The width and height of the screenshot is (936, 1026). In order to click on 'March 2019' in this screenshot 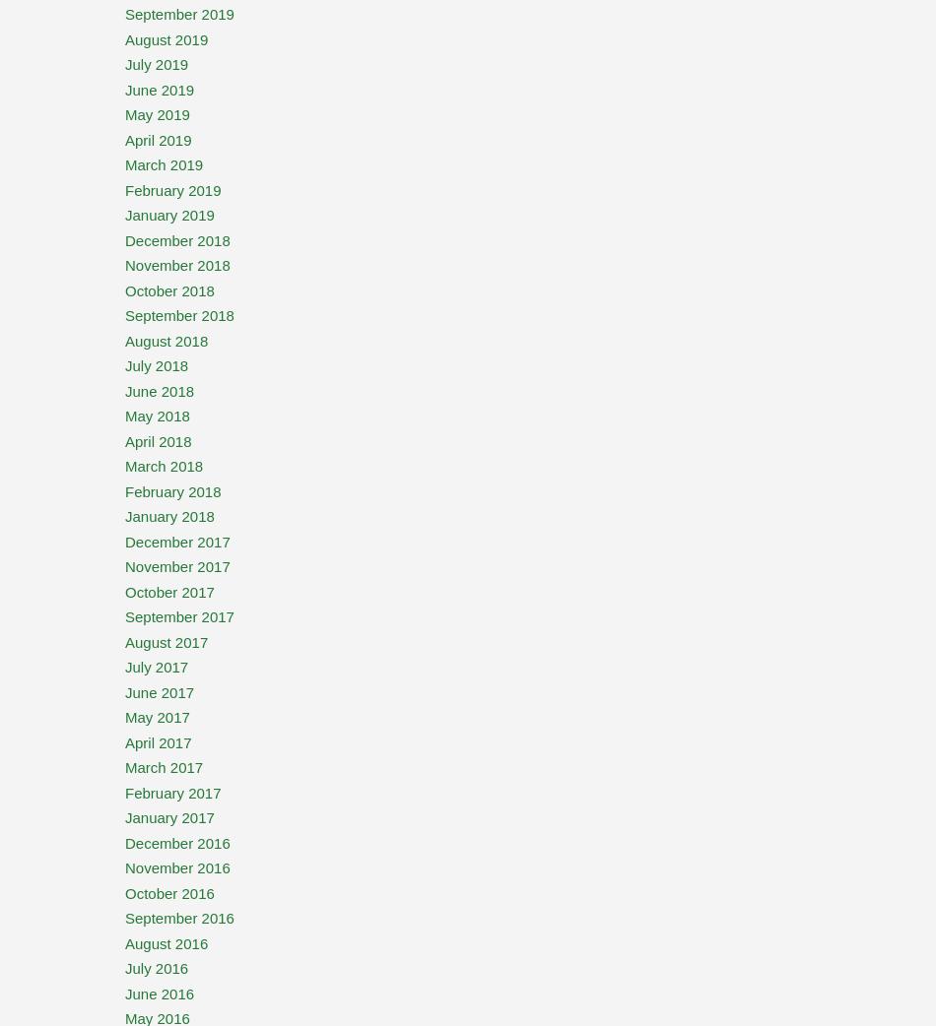, I will do `click(164, 164)`.